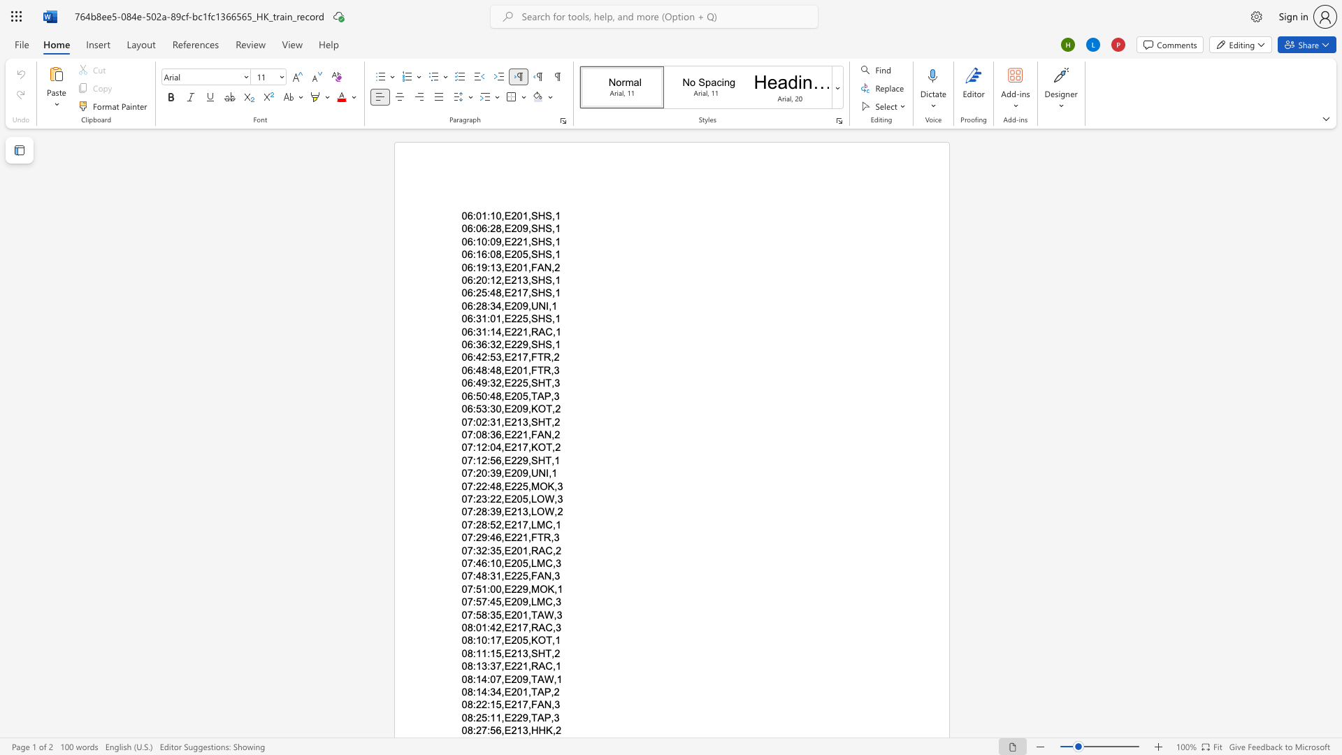 The width and height of the screenshot is (1342, 755). Describe the element at coordinates (482, 730) in the screenshot. I see `the subset text "7:56,E213" within the text "08:27:56,E213,HHK,2"` at that location.